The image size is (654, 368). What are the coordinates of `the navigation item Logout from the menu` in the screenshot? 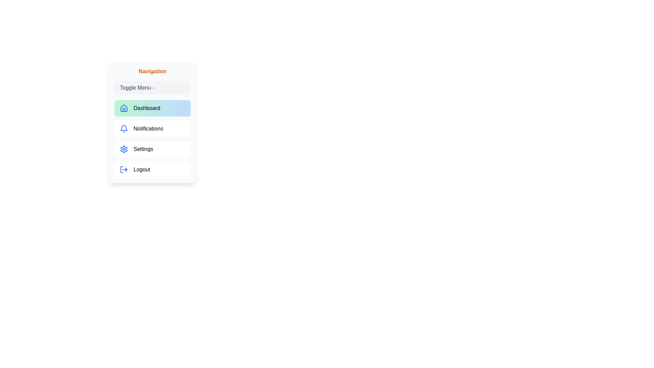 It's located at (152, 169).